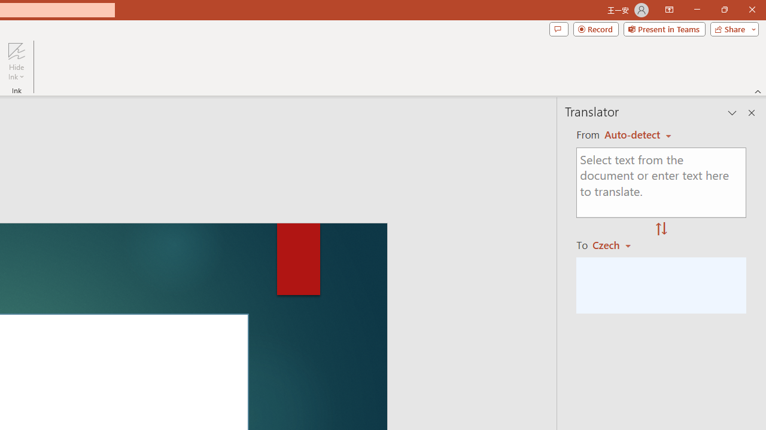  What do you see at coordinates (724, 10) in the screenshot?
I see `'Restore Down'` at bounding box center [724, 10].